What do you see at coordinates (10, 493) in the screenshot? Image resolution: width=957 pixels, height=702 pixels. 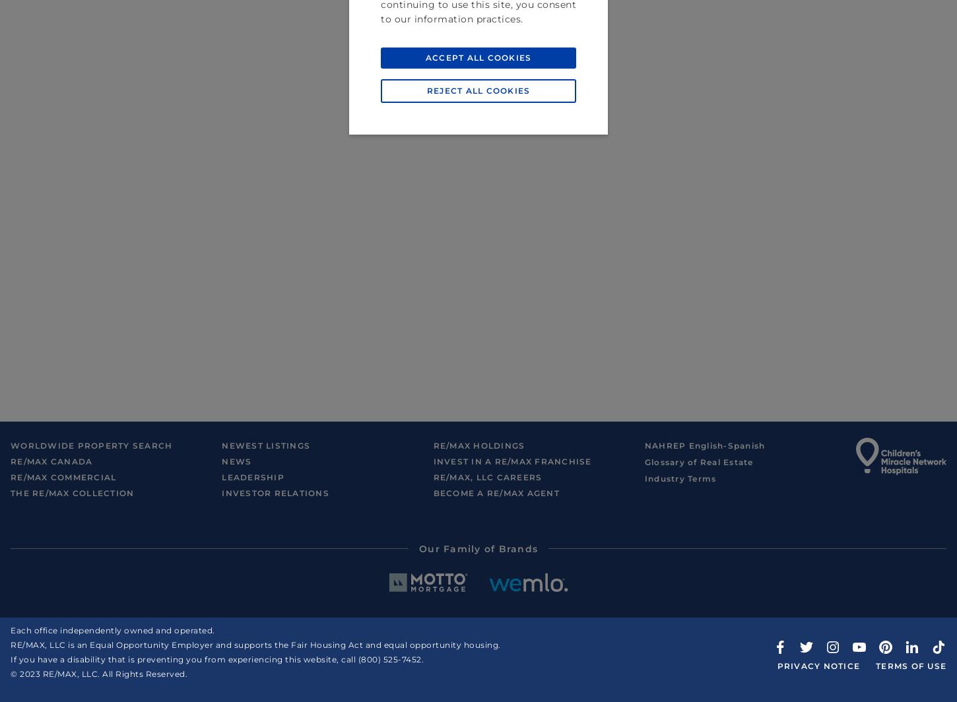 I see `'The RE/MAX Collection'` at bounding box center [10, 493].